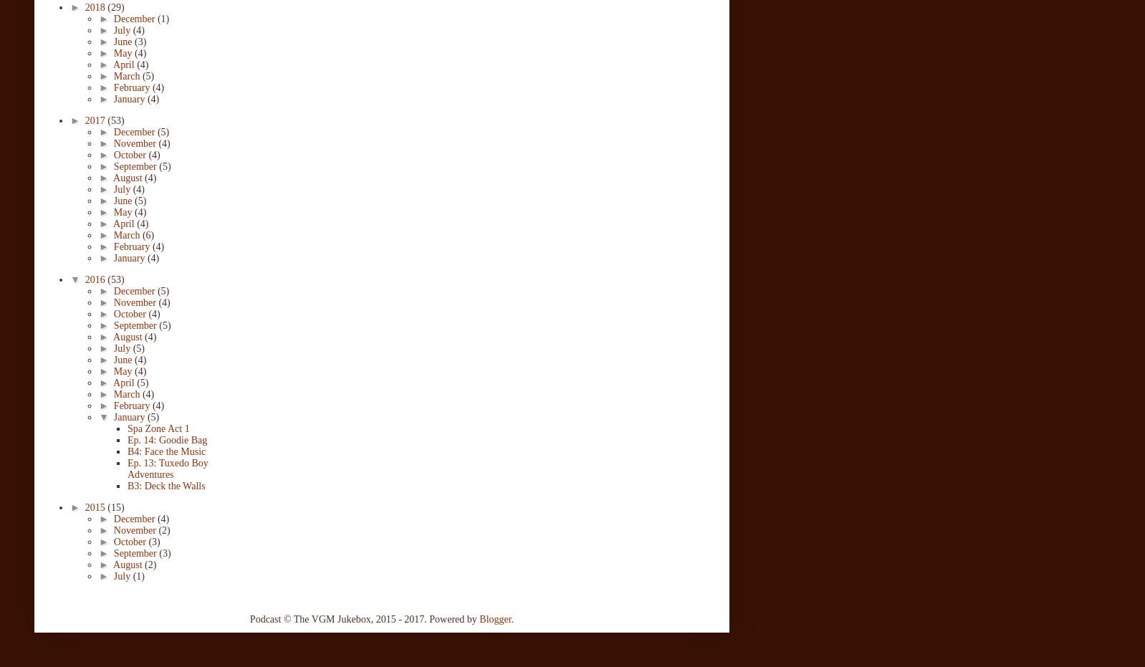 The width and height of the screenshot is (1145, 667). What do you see at coordinates (95, 6) in the screenshot?
I see `'2018'` at bounding box center [95, 6].